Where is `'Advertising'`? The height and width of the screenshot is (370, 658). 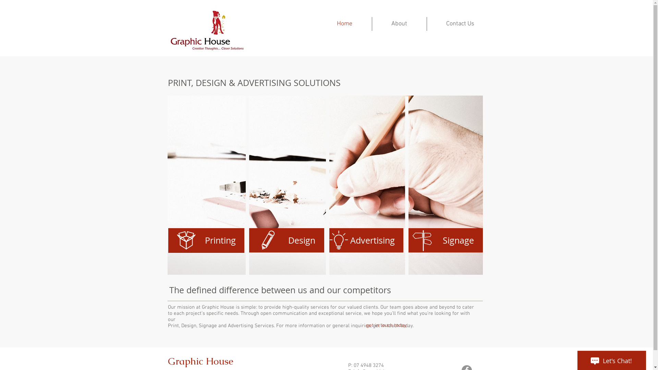
'Advertising' is located at coordinates (327, 240).